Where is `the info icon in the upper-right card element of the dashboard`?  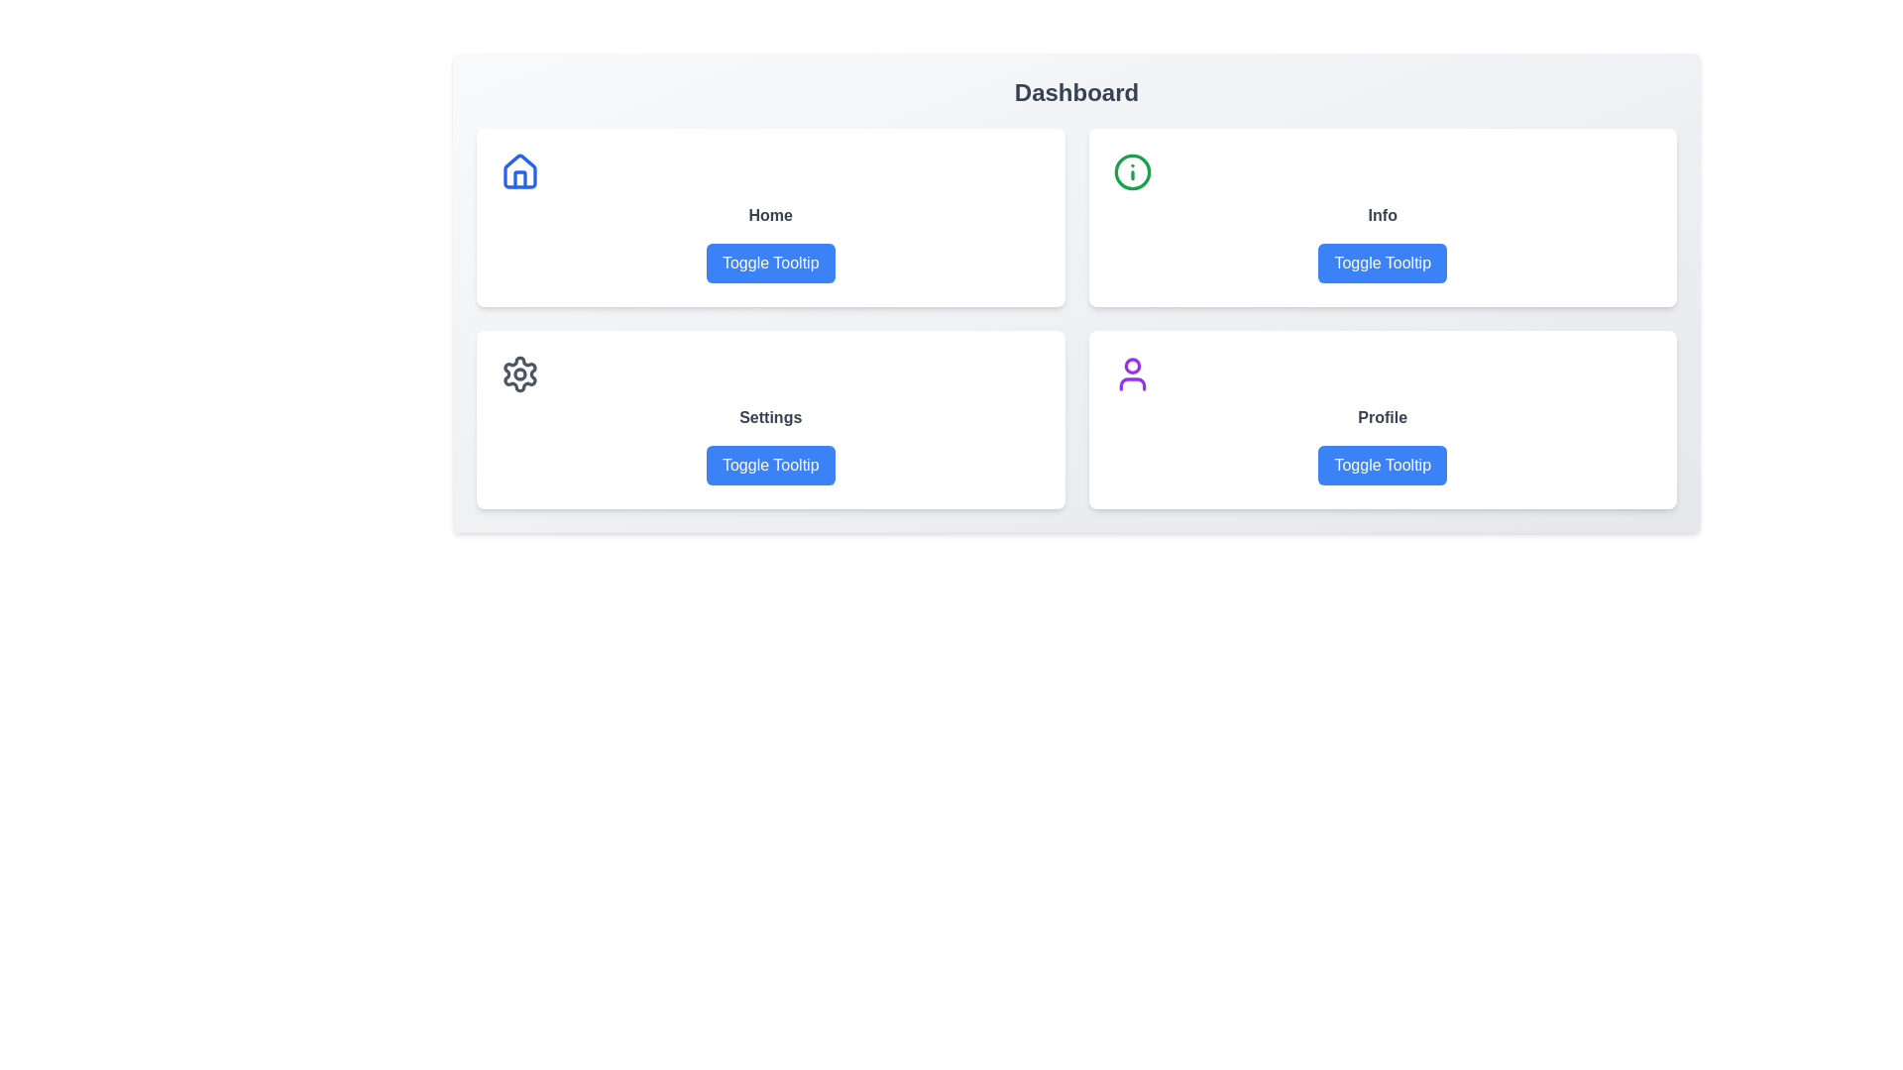 the info icon in the upper-right card element of the dashboard is located at coordinates (1382, 217).